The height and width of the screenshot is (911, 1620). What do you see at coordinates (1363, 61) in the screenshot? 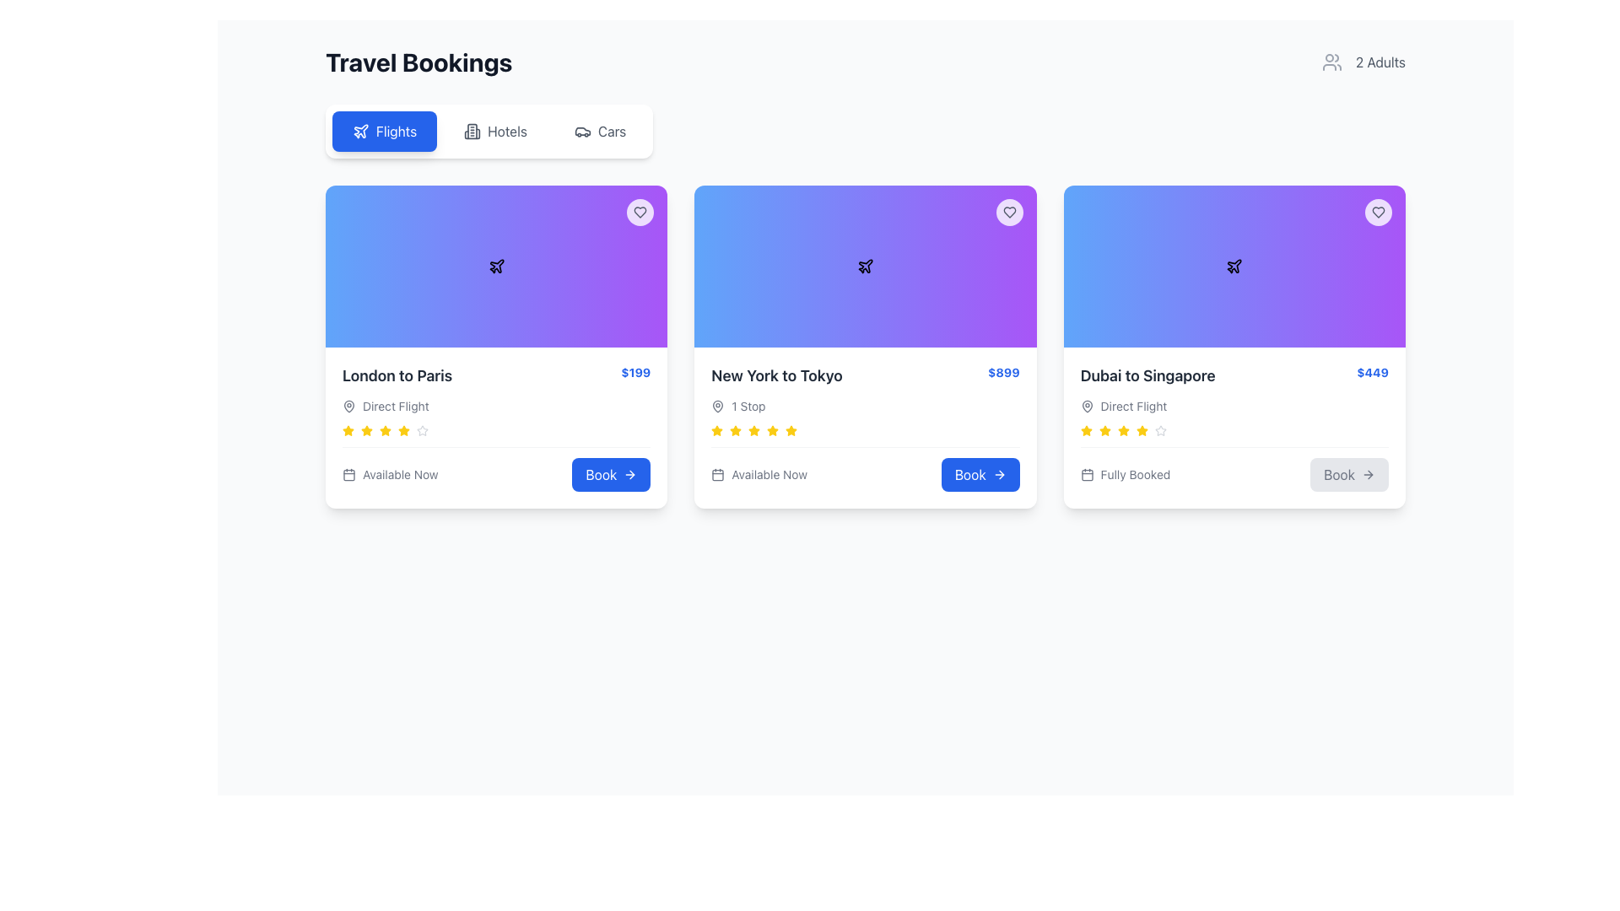
I see `the static display label with the text '2 Adults' and the accompanying icon of two user figures, located in the top-right corner of the interface next to the title 'Travel Bookings'` at bounding box center [1363, 61].